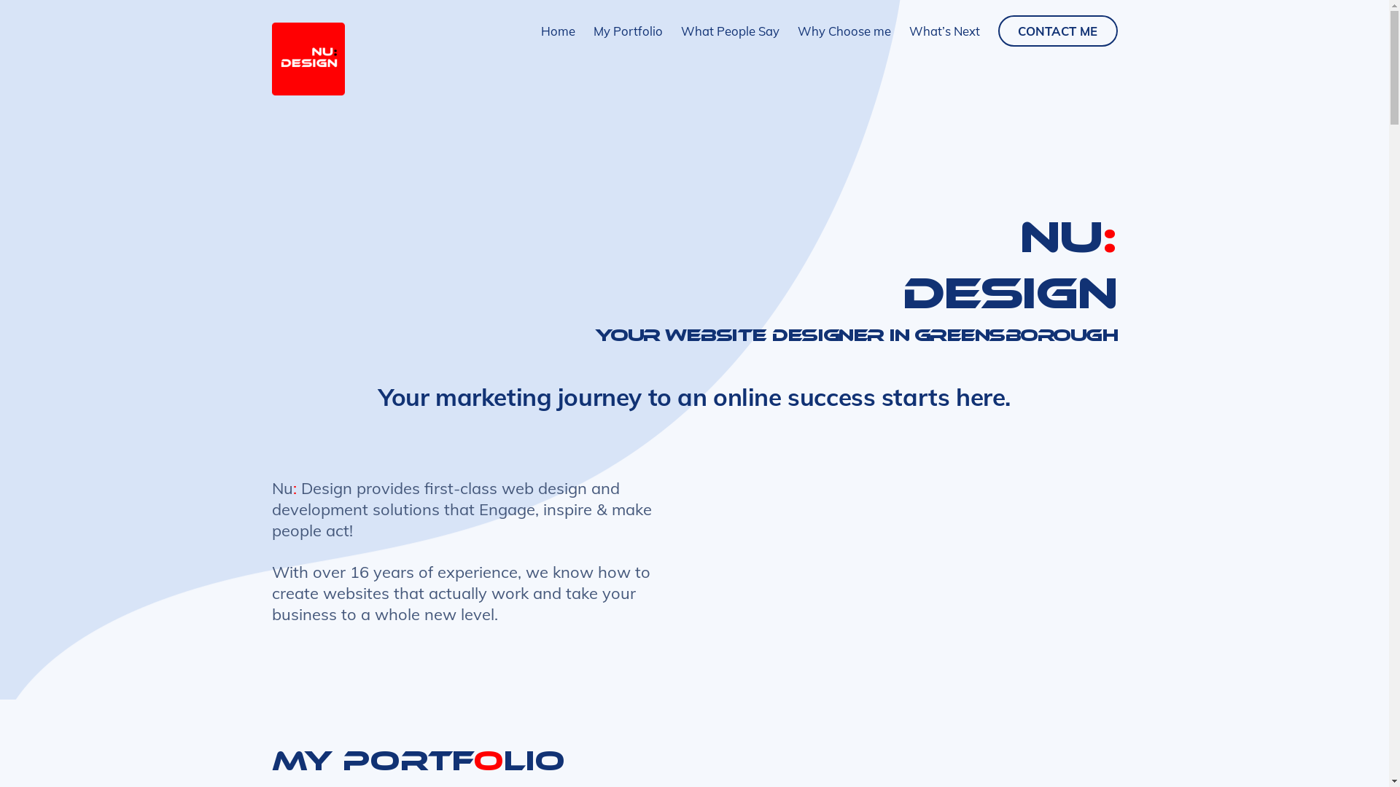  I want to click on 'Nu Design (2)', so click(307, 58).